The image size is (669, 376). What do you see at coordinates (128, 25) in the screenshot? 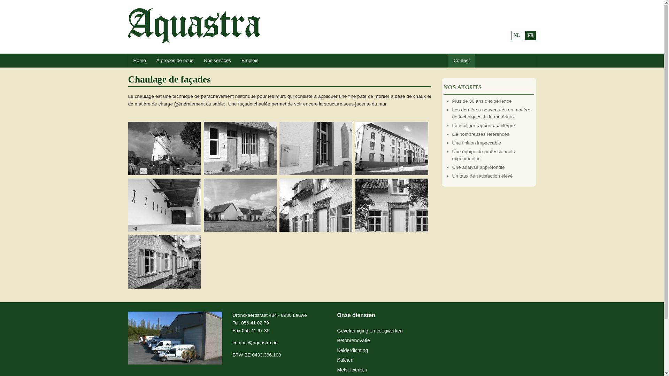
I see `'Accueil'` at bounding box center [128, 25].